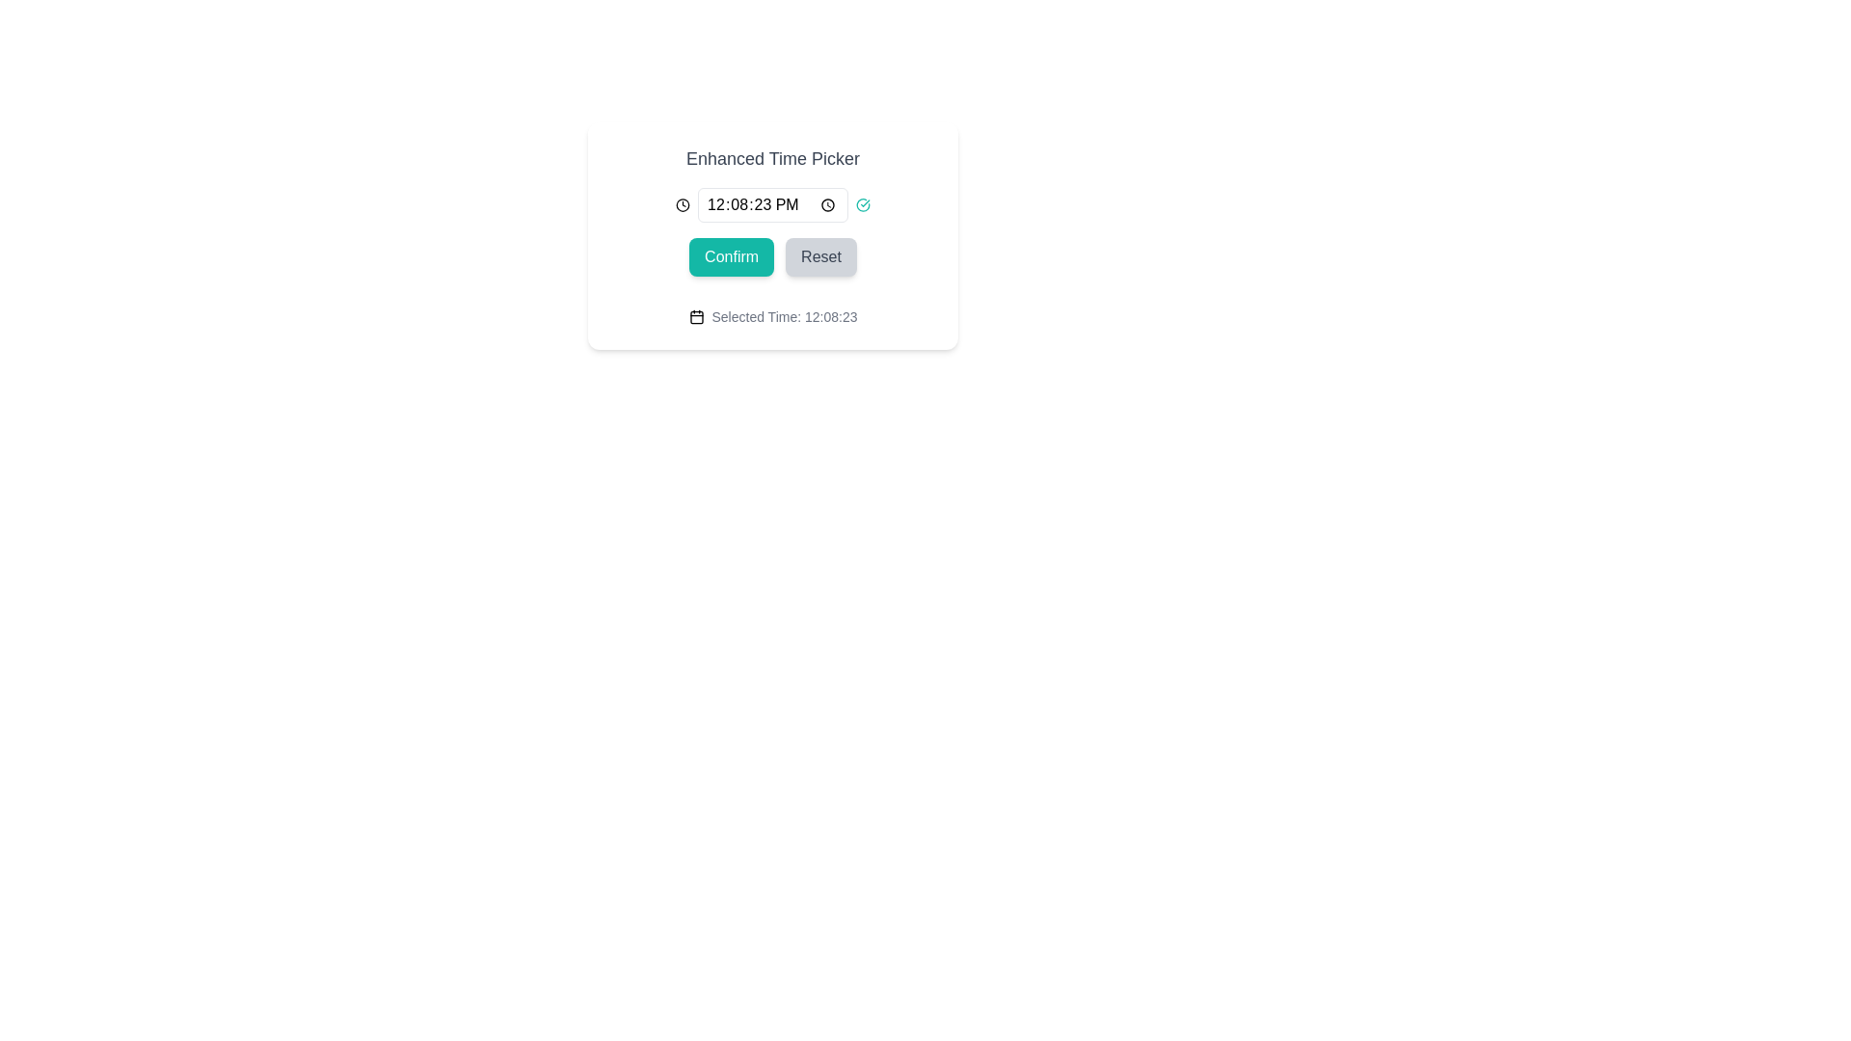 The image size is (1851, 1041). What do you see at coordinates (772, 235) in the screenshot?
I see `the submit button located directly below the time input field in the 'Enhanced Time Picker' dialog` at bounding box center [772, 235].